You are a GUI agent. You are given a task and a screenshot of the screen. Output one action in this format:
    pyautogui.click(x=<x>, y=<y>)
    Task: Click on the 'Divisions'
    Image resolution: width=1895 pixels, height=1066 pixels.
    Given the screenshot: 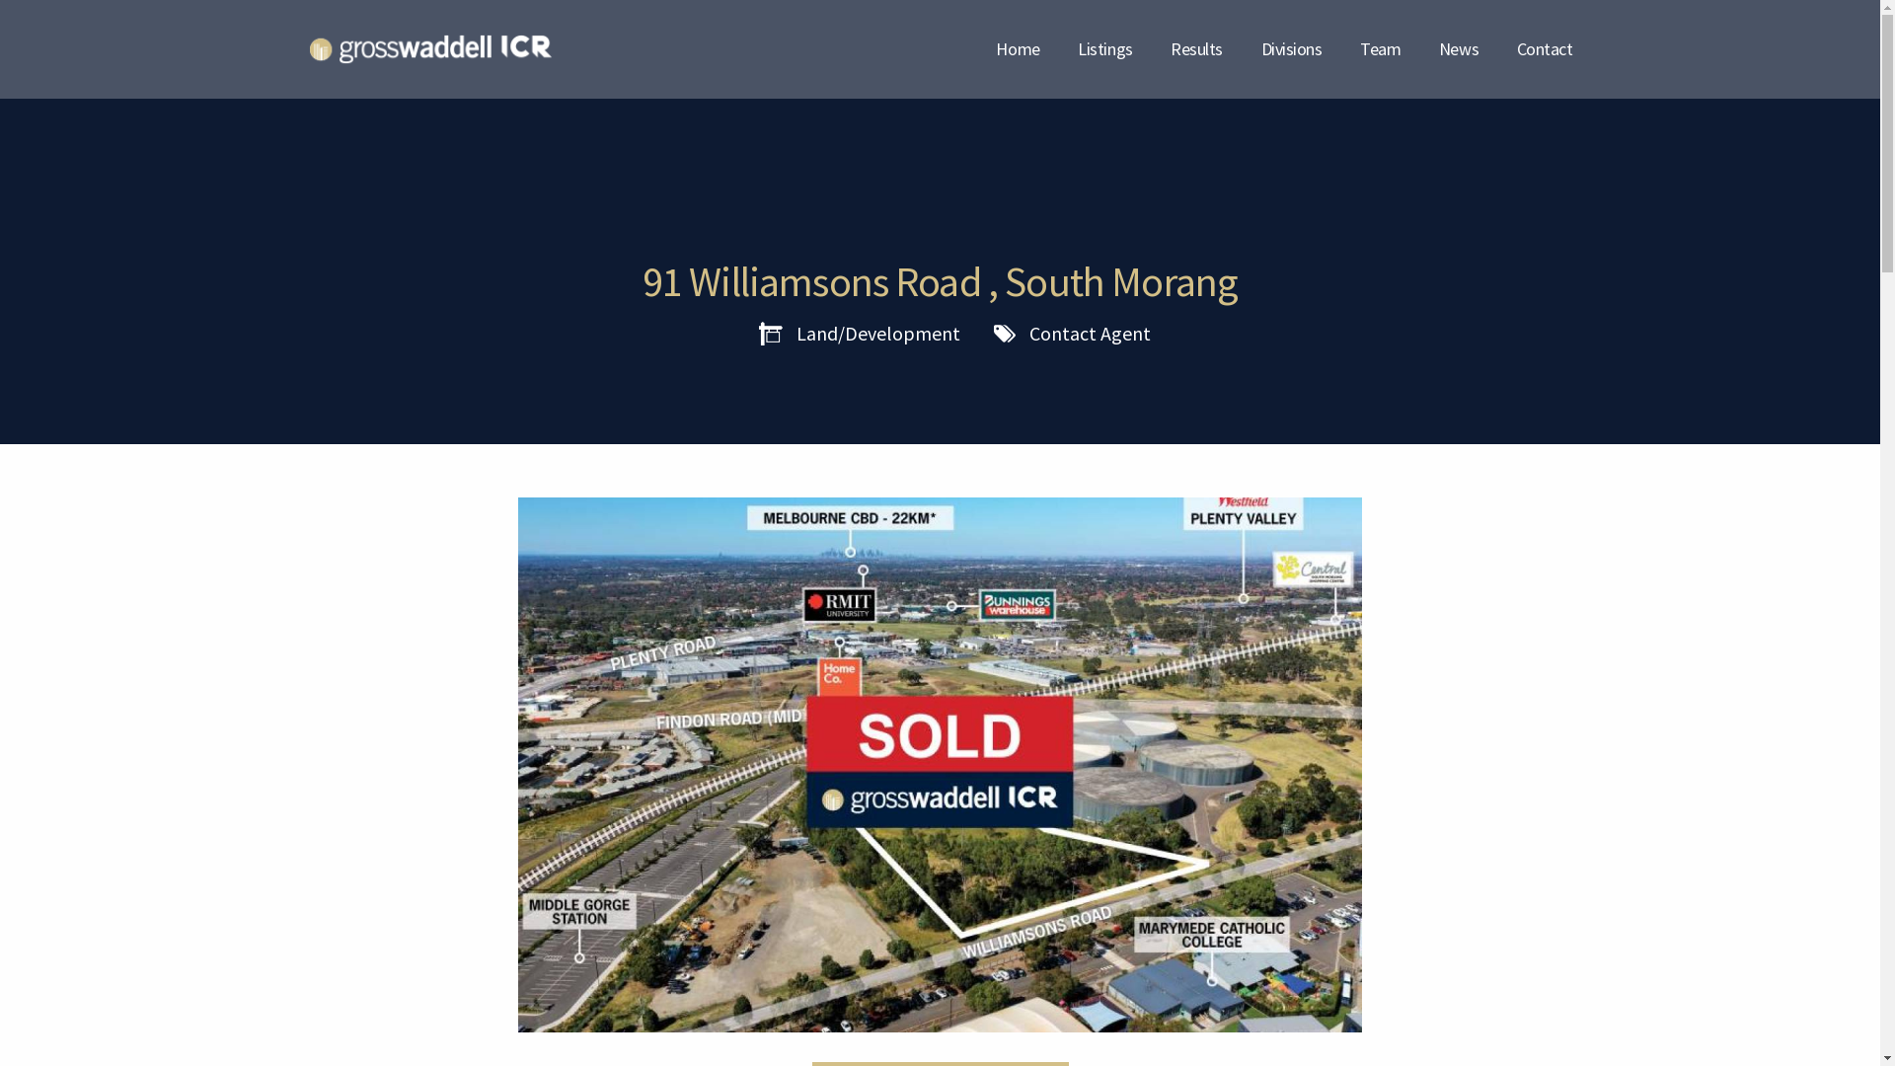 What is the action you would take?
    pyautogui.click(x=1292, y=47)
    